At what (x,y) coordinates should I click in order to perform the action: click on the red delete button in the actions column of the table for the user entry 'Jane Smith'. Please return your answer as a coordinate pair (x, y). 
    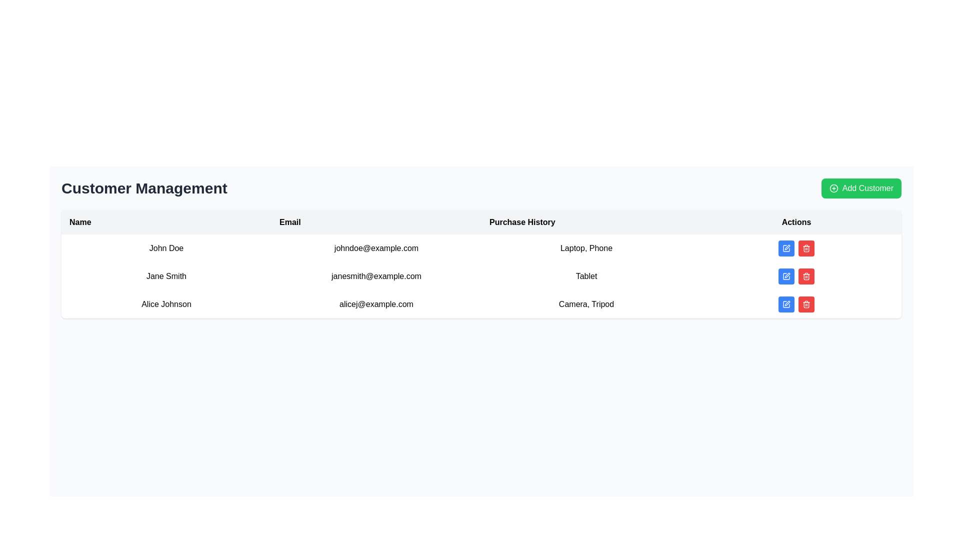
    Looking at the image, I should click on (796, 276).